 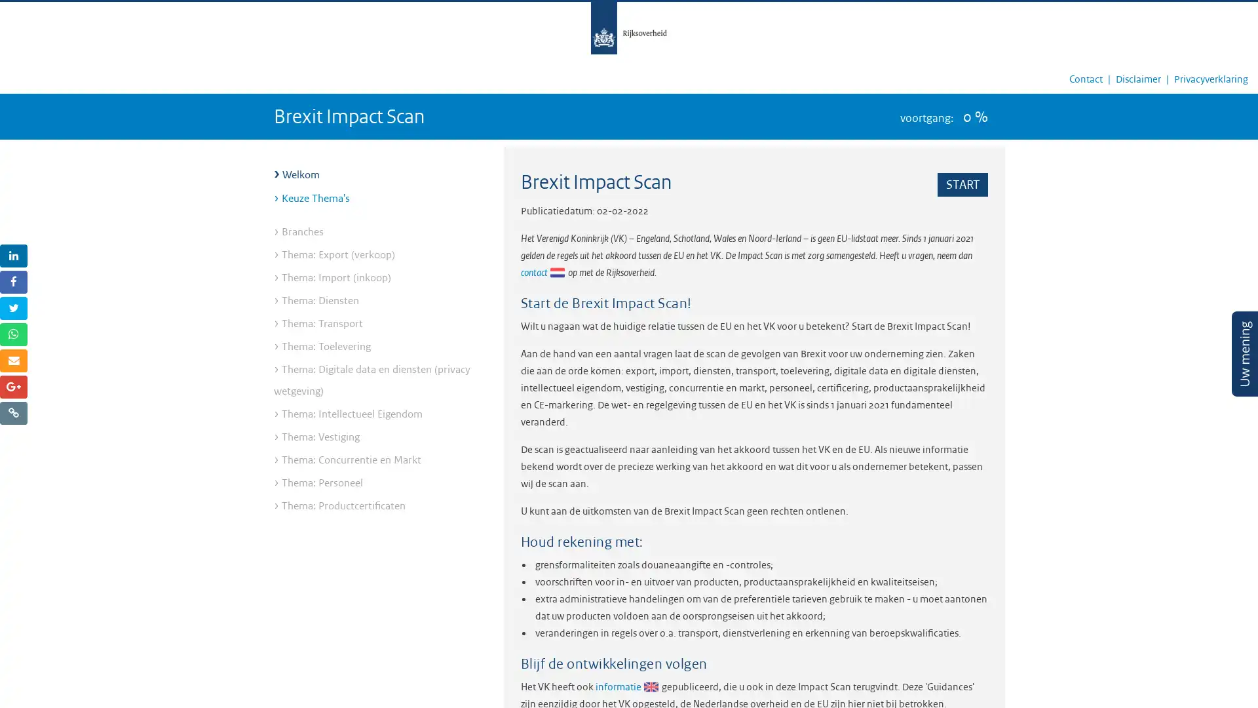 I want to click on Thema: Import (inkoop), so click(x=377, y=277).